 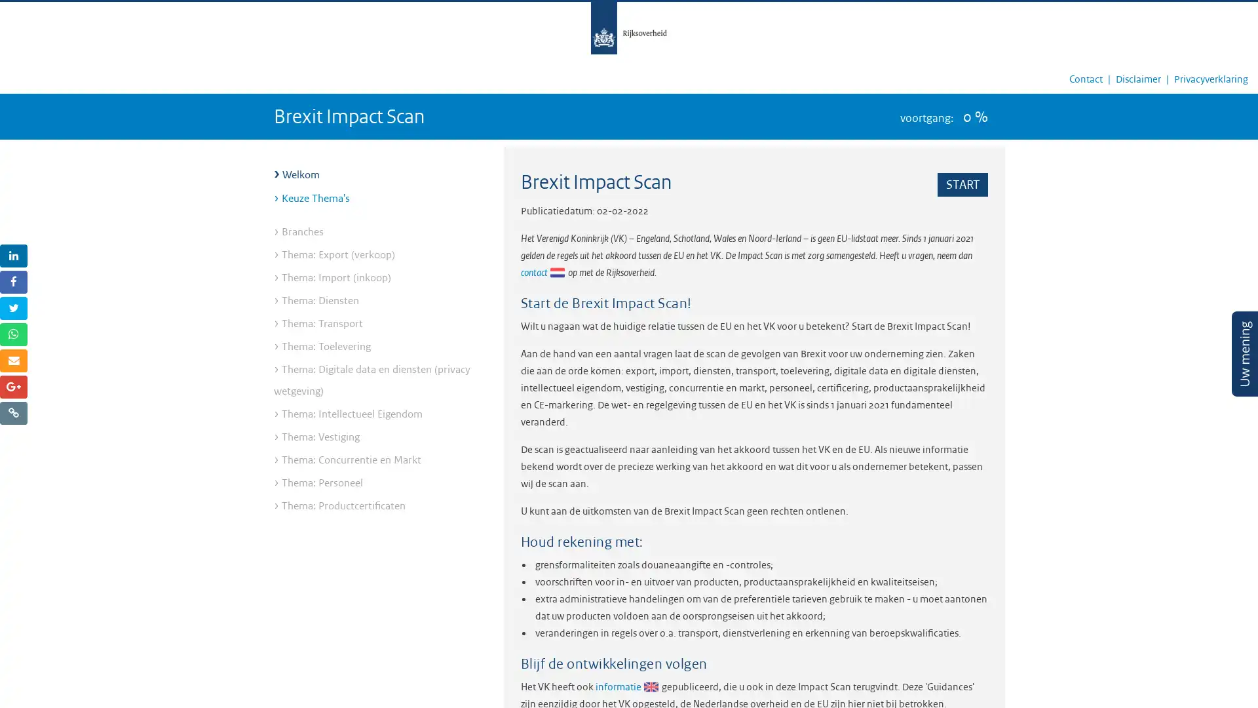 I want to click on Thema: Import (inkoop), so click(x=377, y=277).